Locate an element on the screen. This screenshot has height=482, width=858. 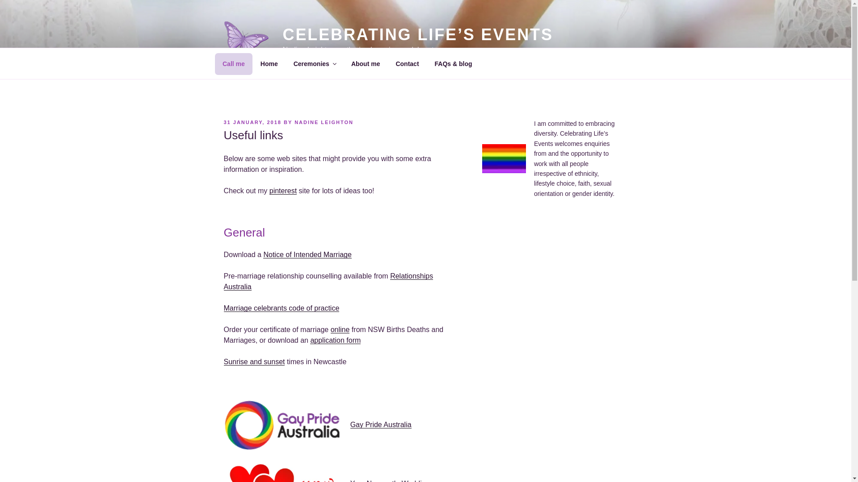
'FAQs & blog' is located at coordinates (453, 63).